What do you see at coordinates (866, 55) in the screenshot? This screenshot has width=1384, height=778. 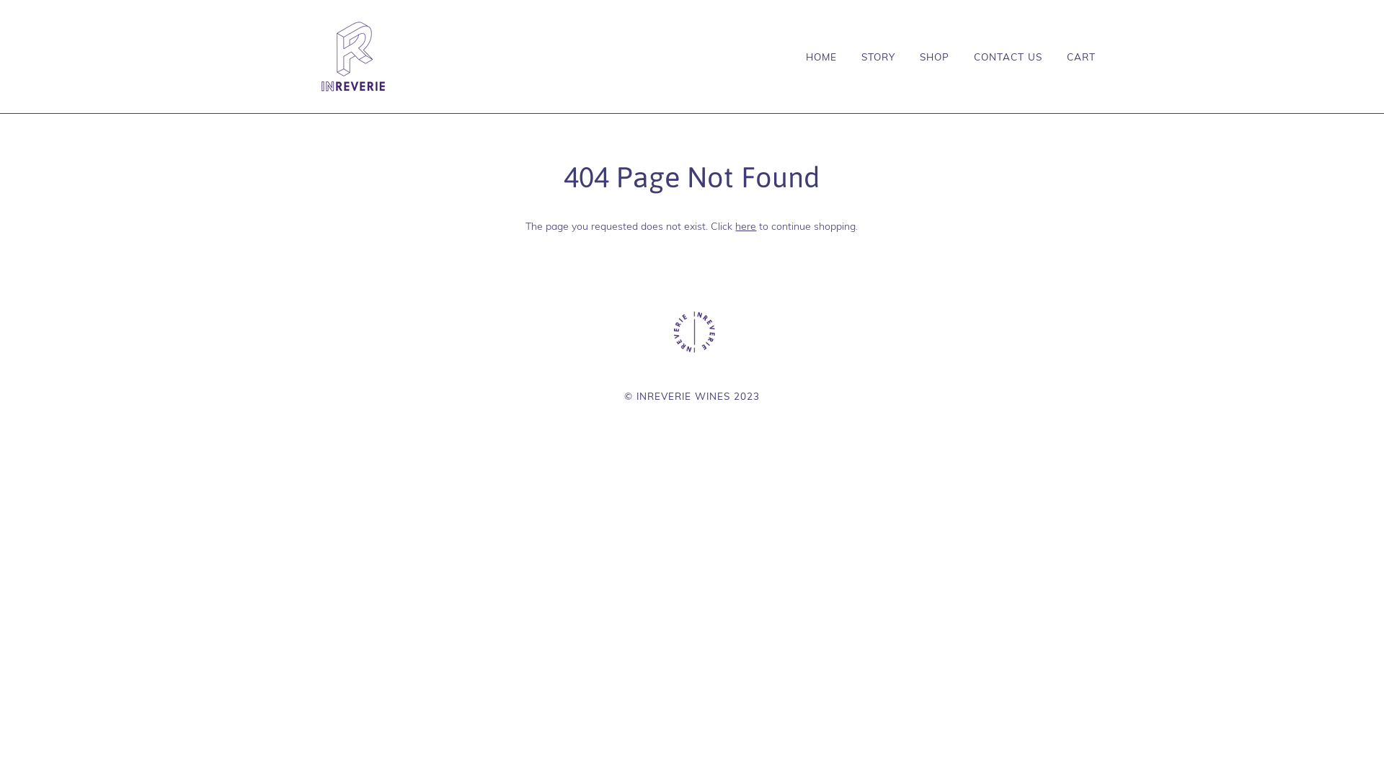 I see `'STORY'` at bounding box center [866, 55].